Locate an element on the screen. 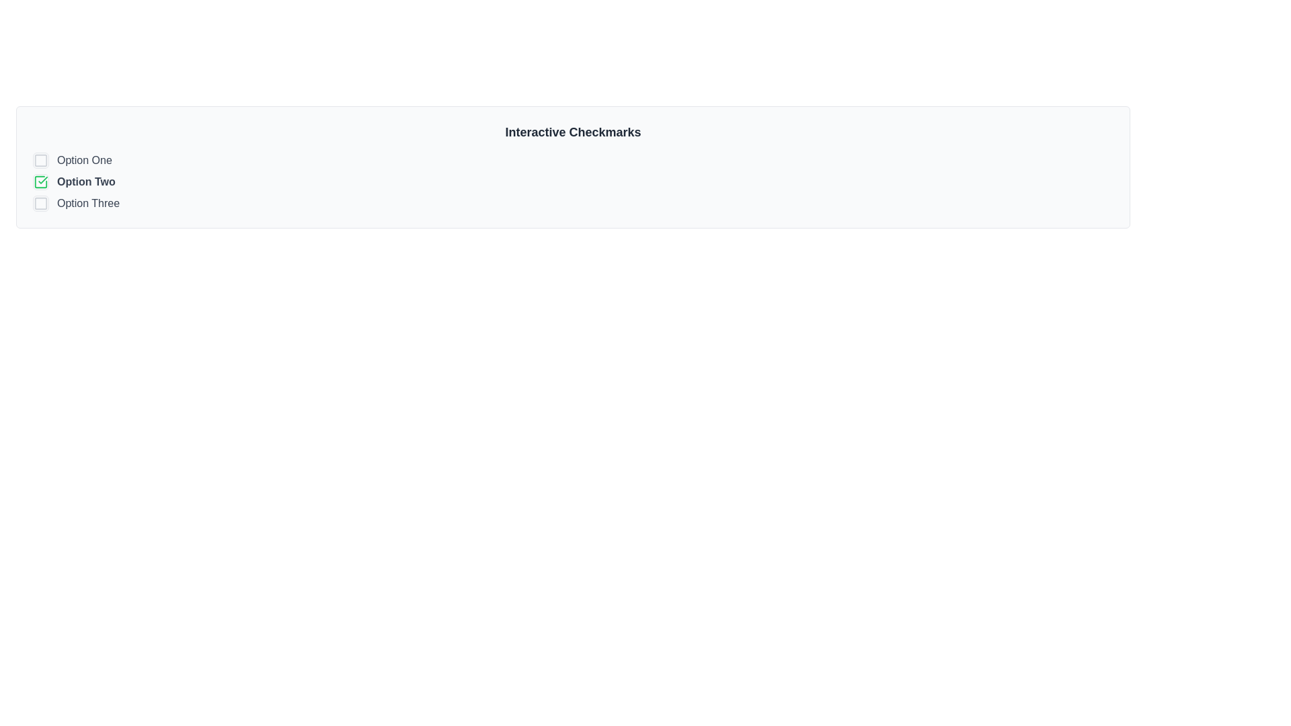 The width and height of the screenshot is (1291, 726). the green checkmark icon that is aligned with the bolded text 'Option Two' is located at coordinates (41, 182).